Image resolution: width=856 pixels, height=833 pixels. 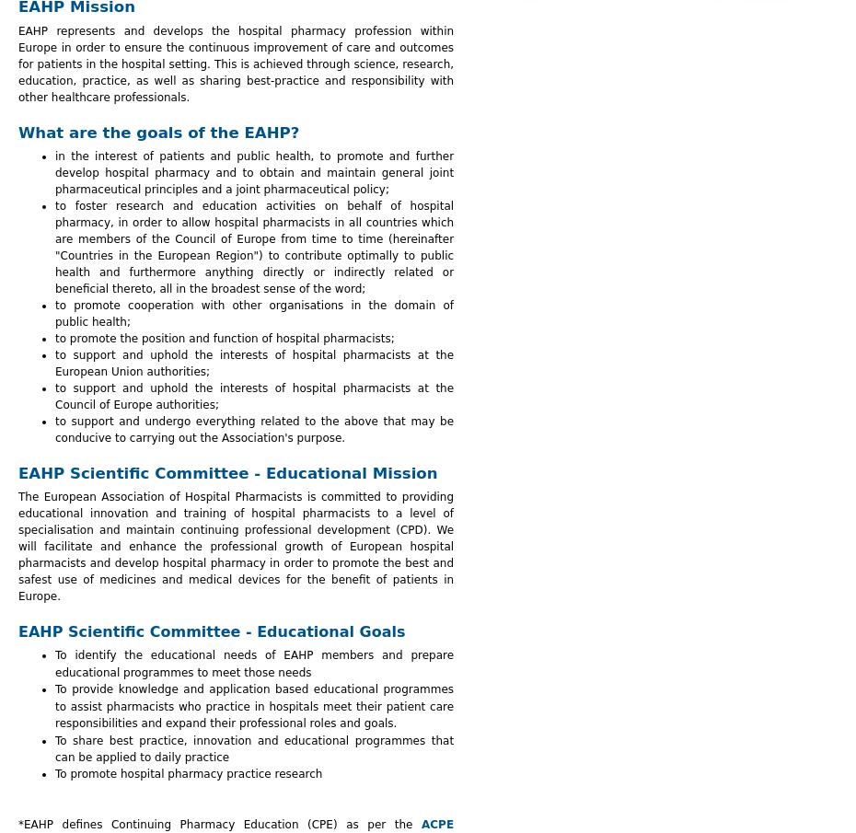 I want to click on 'To promote hospital pharmacy practice research', so click(x=53, y=773).